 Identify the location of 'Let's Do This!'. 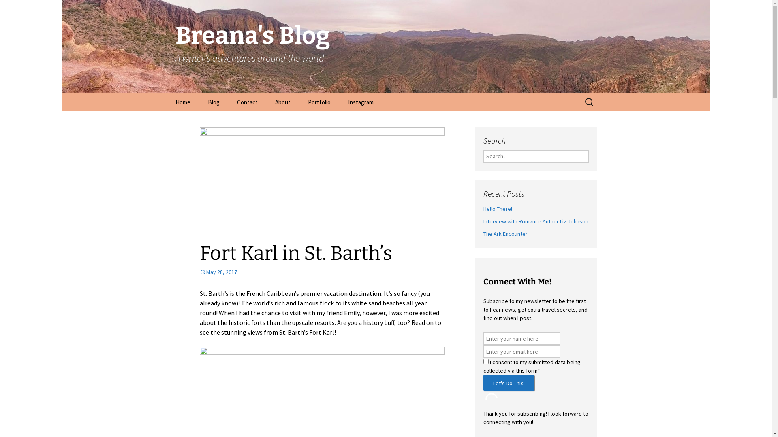
(483, 382).